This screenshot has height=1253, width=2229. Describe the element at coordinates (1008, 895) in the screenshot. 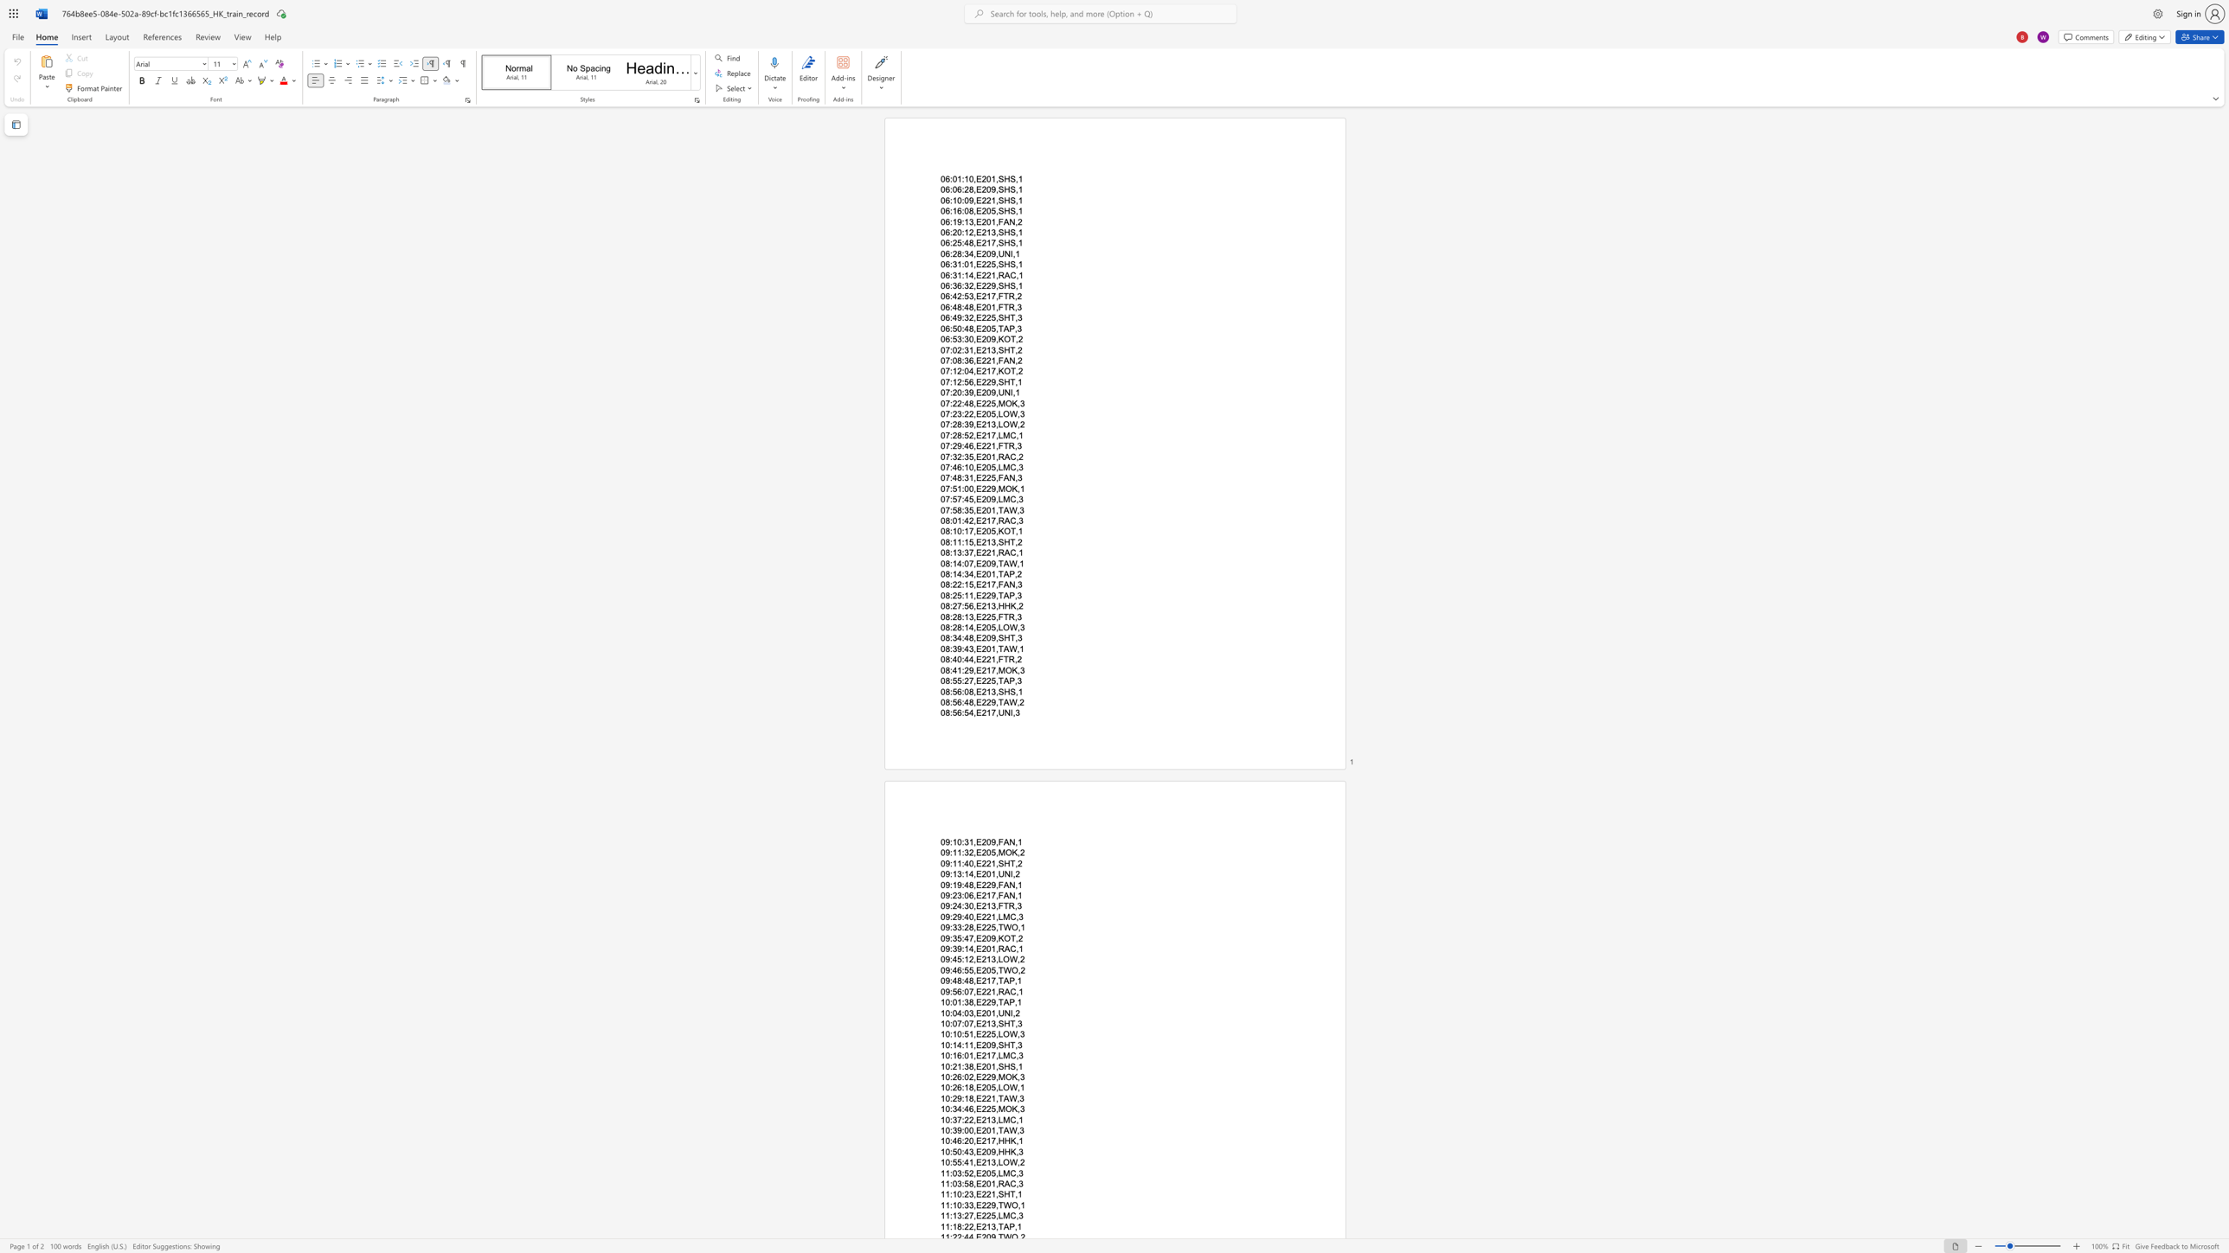

I see `the space between the continuous character "A" and "N" in the text` at that location.